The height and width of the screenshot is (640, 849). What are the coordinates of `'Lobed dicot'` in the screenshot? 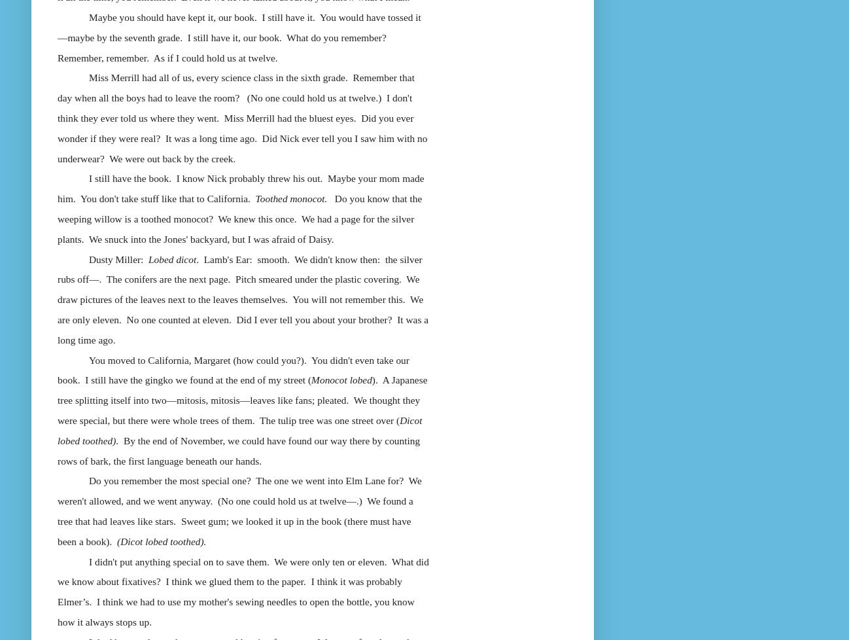 It's located at (148, 258).